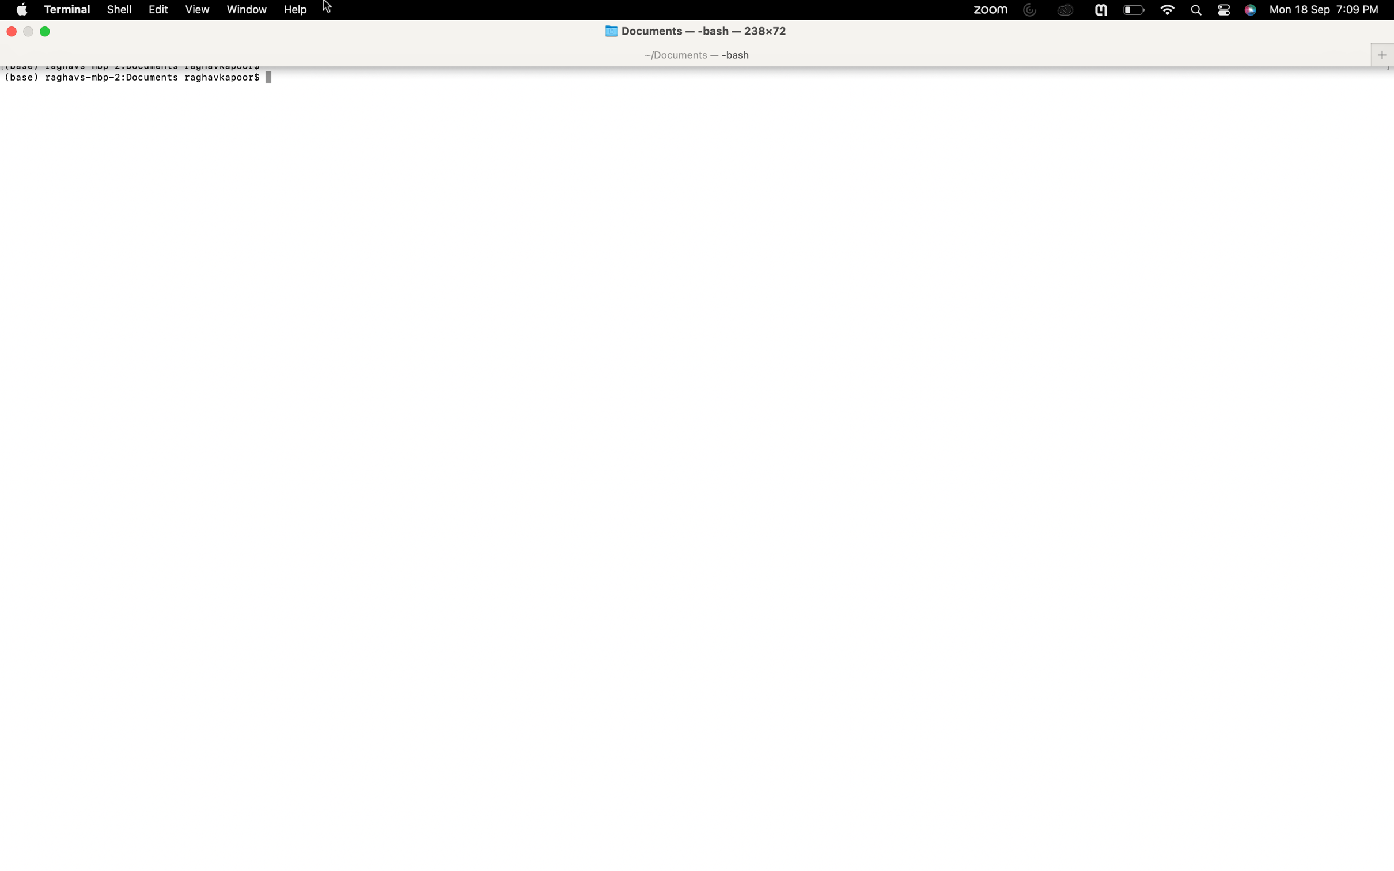 This screenshot has height=871, width=1394. Describe the element at coordinates (296, 10) in the screenshot. I see `settings through the help options tab` at that location.